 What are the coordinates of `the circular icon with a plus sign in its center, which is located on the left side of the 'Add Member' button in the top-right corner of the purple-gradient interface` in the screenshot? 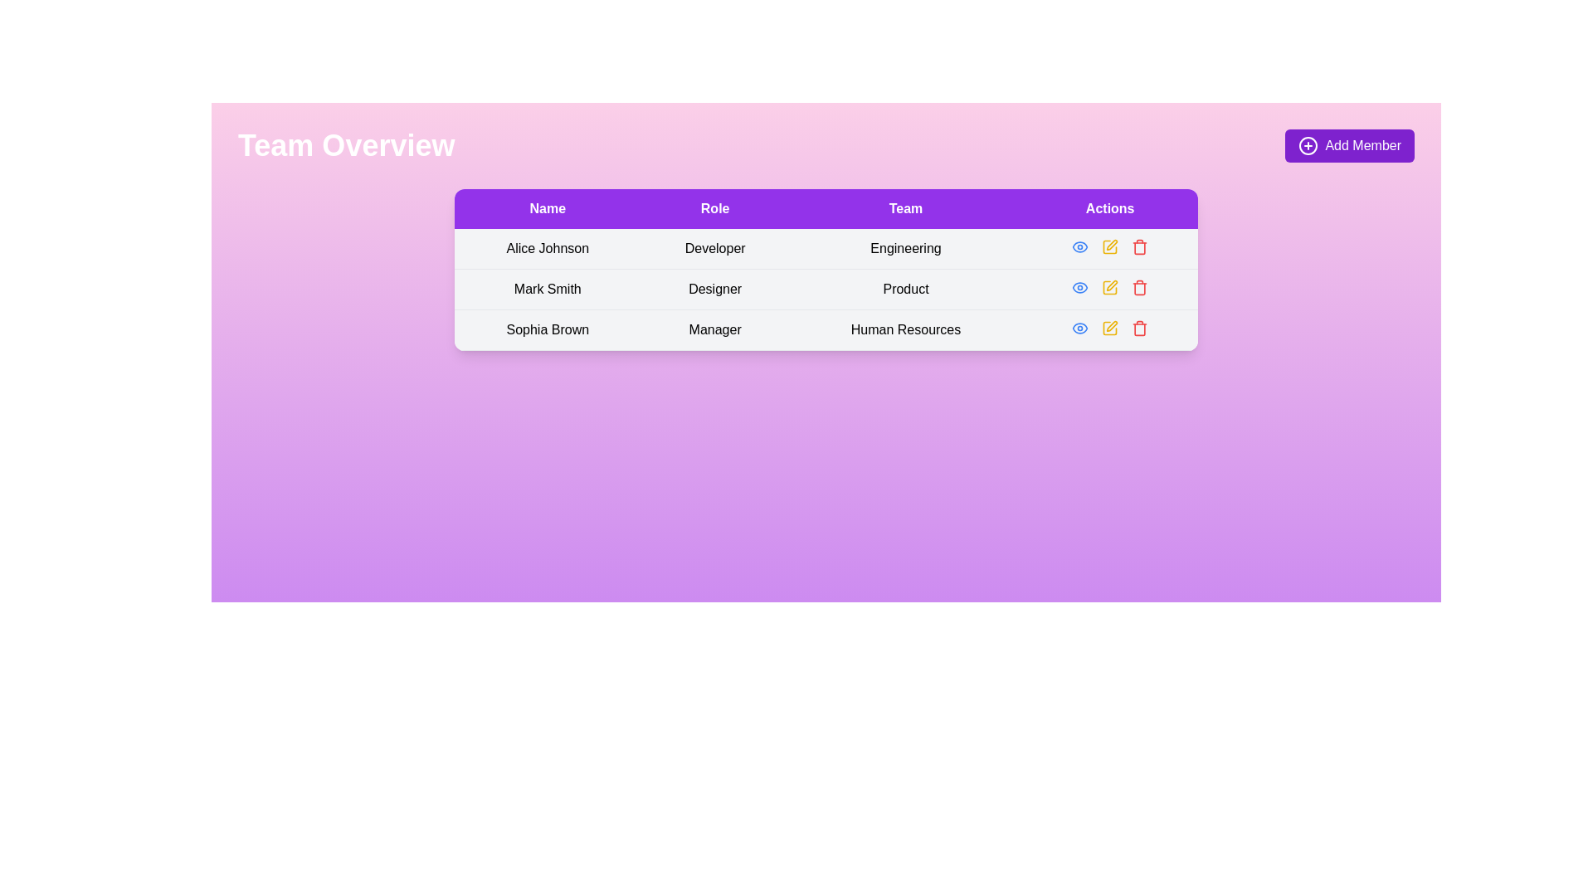 It's located at (1308, 145).